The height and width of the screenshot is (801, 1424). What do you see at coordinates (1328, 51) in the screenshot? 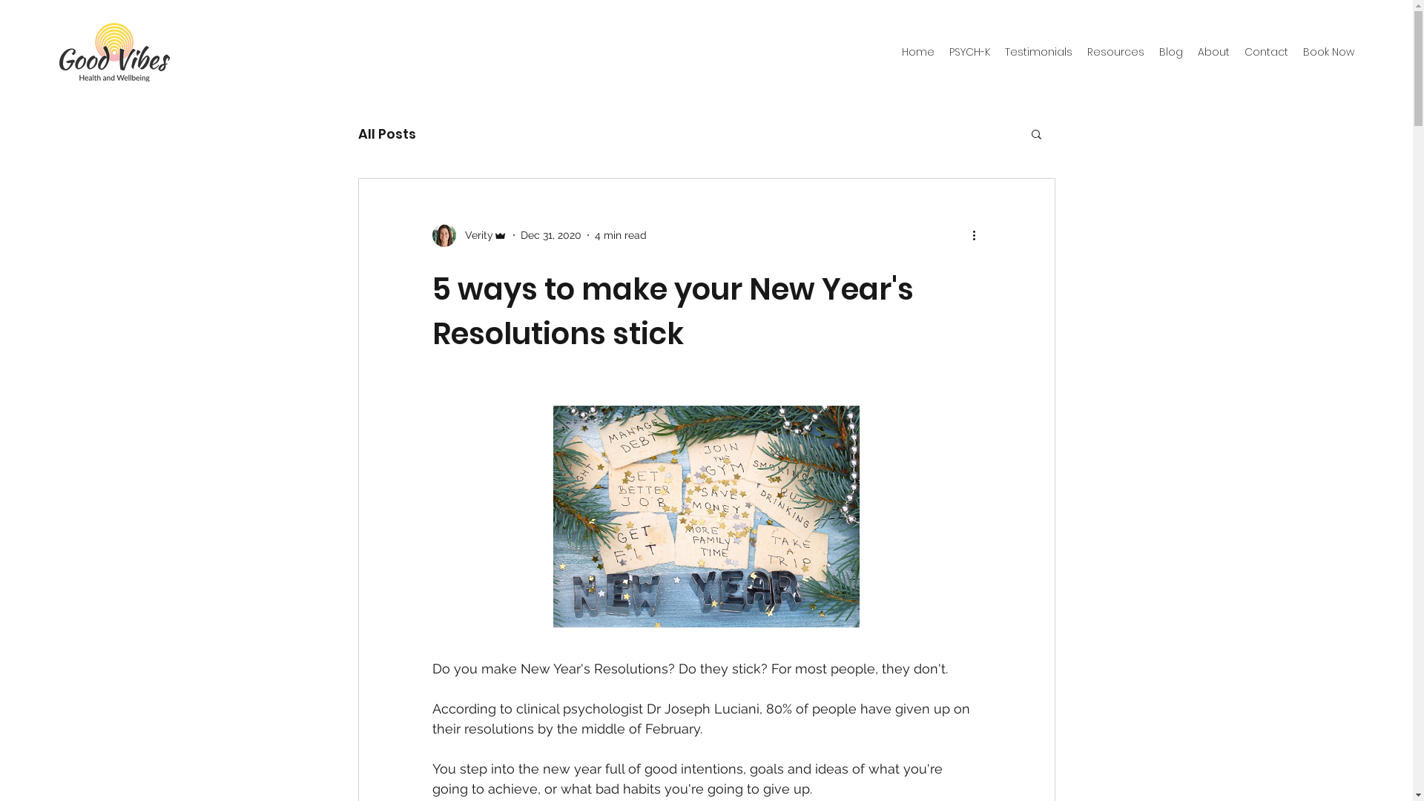
I see `'Book Now'` at bounding box center [1328, 51].